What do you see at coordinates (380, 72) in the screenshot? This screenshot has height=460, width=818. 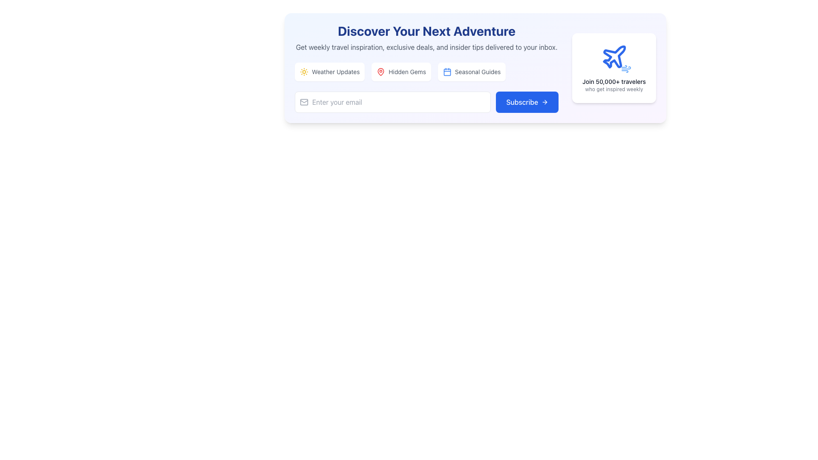 I see `the SVG icon representing 'Hidden Gems' located between 'Weather Updates' and 'Seasonal Guides'` at bounding box center [380, 72].